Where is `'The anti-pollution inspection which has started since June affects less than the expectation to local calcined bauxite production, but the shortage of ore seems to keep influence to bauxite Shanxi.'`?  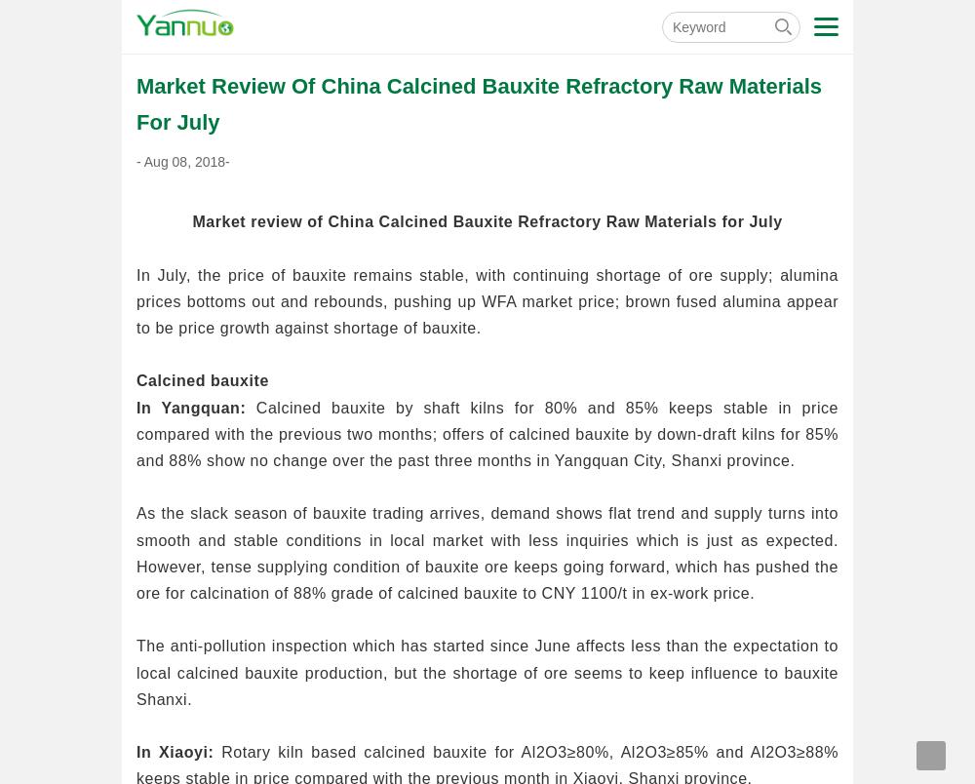 'The anti-pollution inspection which has started since June affects less than the expectation to local calcined bauxite production, but the shortage of ore seems to keep influence to bauxite Shanxi.' is located at coordinates (487, 671).